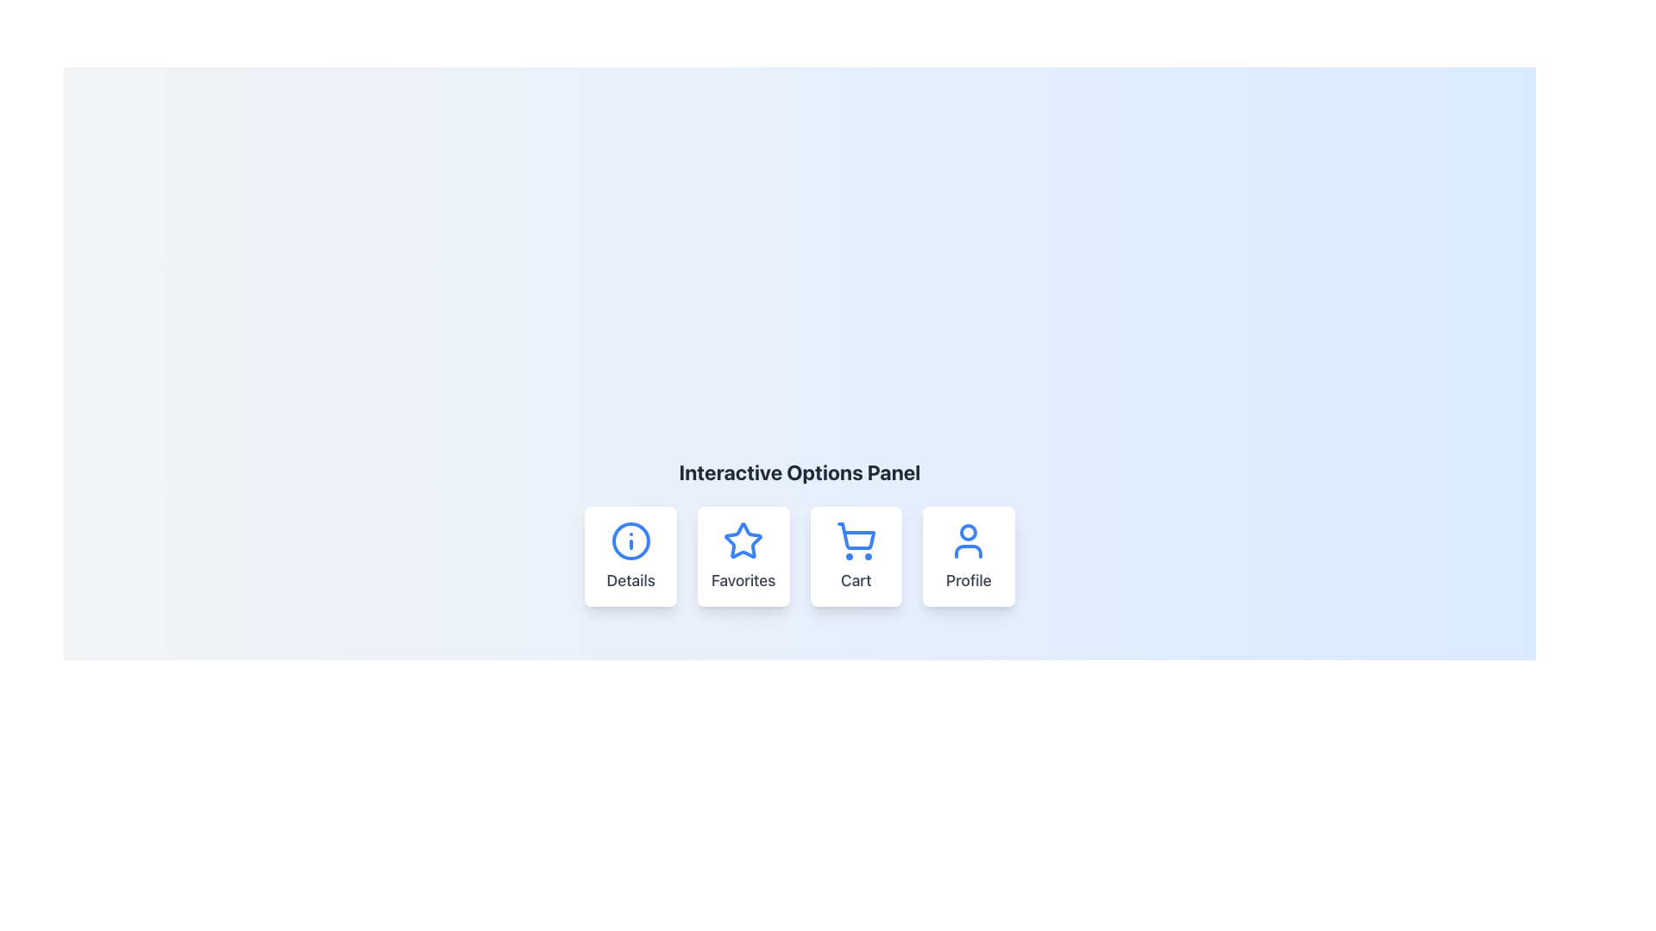 This screenshot has height=931, width=1656. What do you see at coordinates (969, 556) in the screenshot?
I see `the fourth card item in the grid, which provides access to the user's profile or account settings` at bounding box center [969, 556].